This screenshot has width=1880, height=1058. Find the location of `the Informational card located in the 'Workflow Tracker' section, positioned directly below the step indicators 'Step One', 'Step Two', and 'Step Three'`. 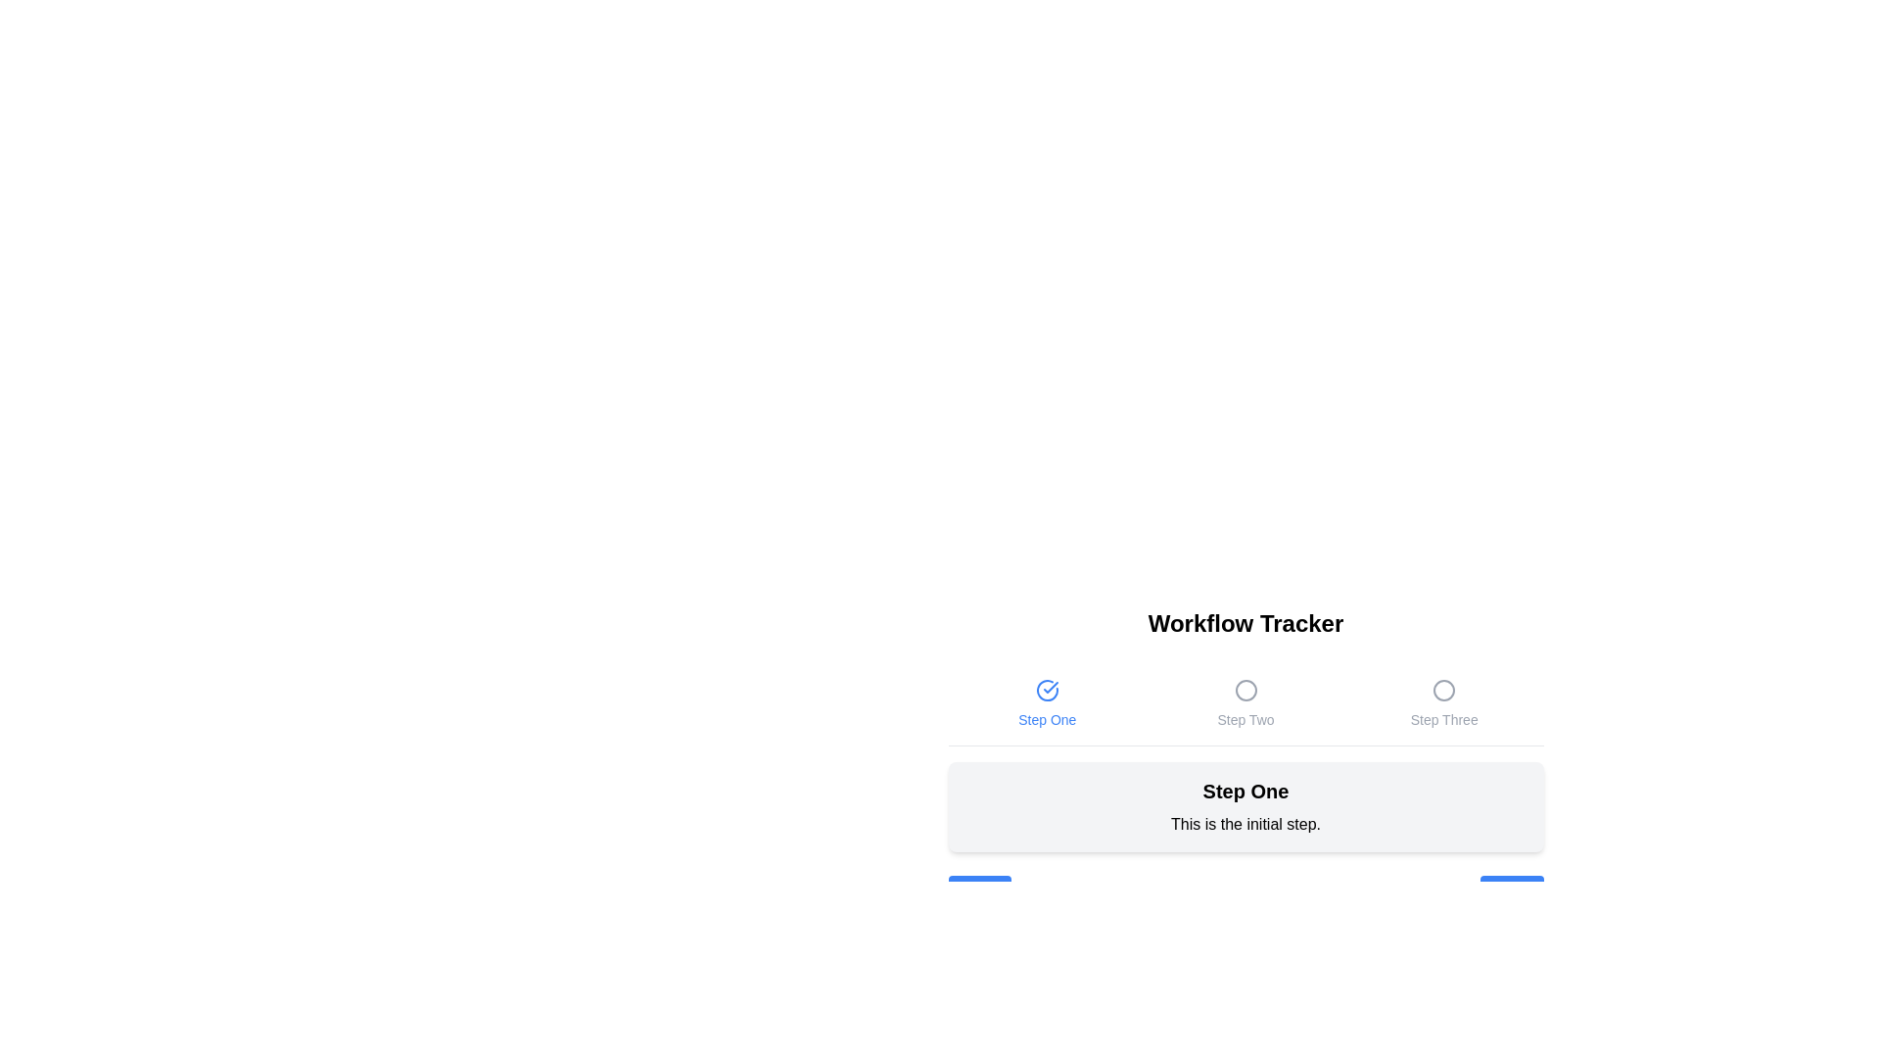

the Informational card located in the 'Workflow Tracker' section, positioned directly below the step indicators 'Step One', 'Step Two', and 'Step Three' is located at coordinates (1245, 807).